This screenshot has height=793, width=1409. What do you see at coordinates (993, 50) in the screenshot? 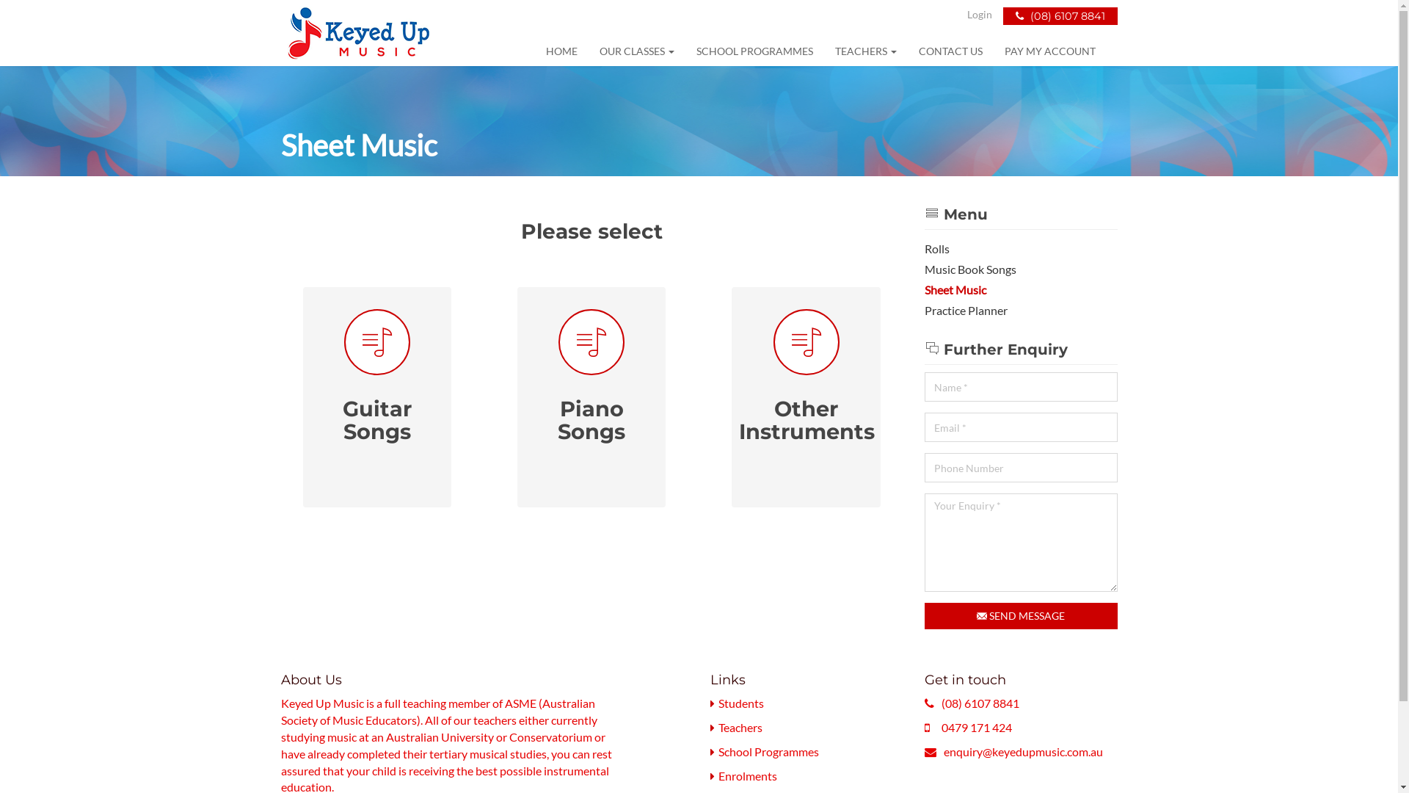
I see `'PAY MY ACCOUNT'` at bounding box center [993, 50].